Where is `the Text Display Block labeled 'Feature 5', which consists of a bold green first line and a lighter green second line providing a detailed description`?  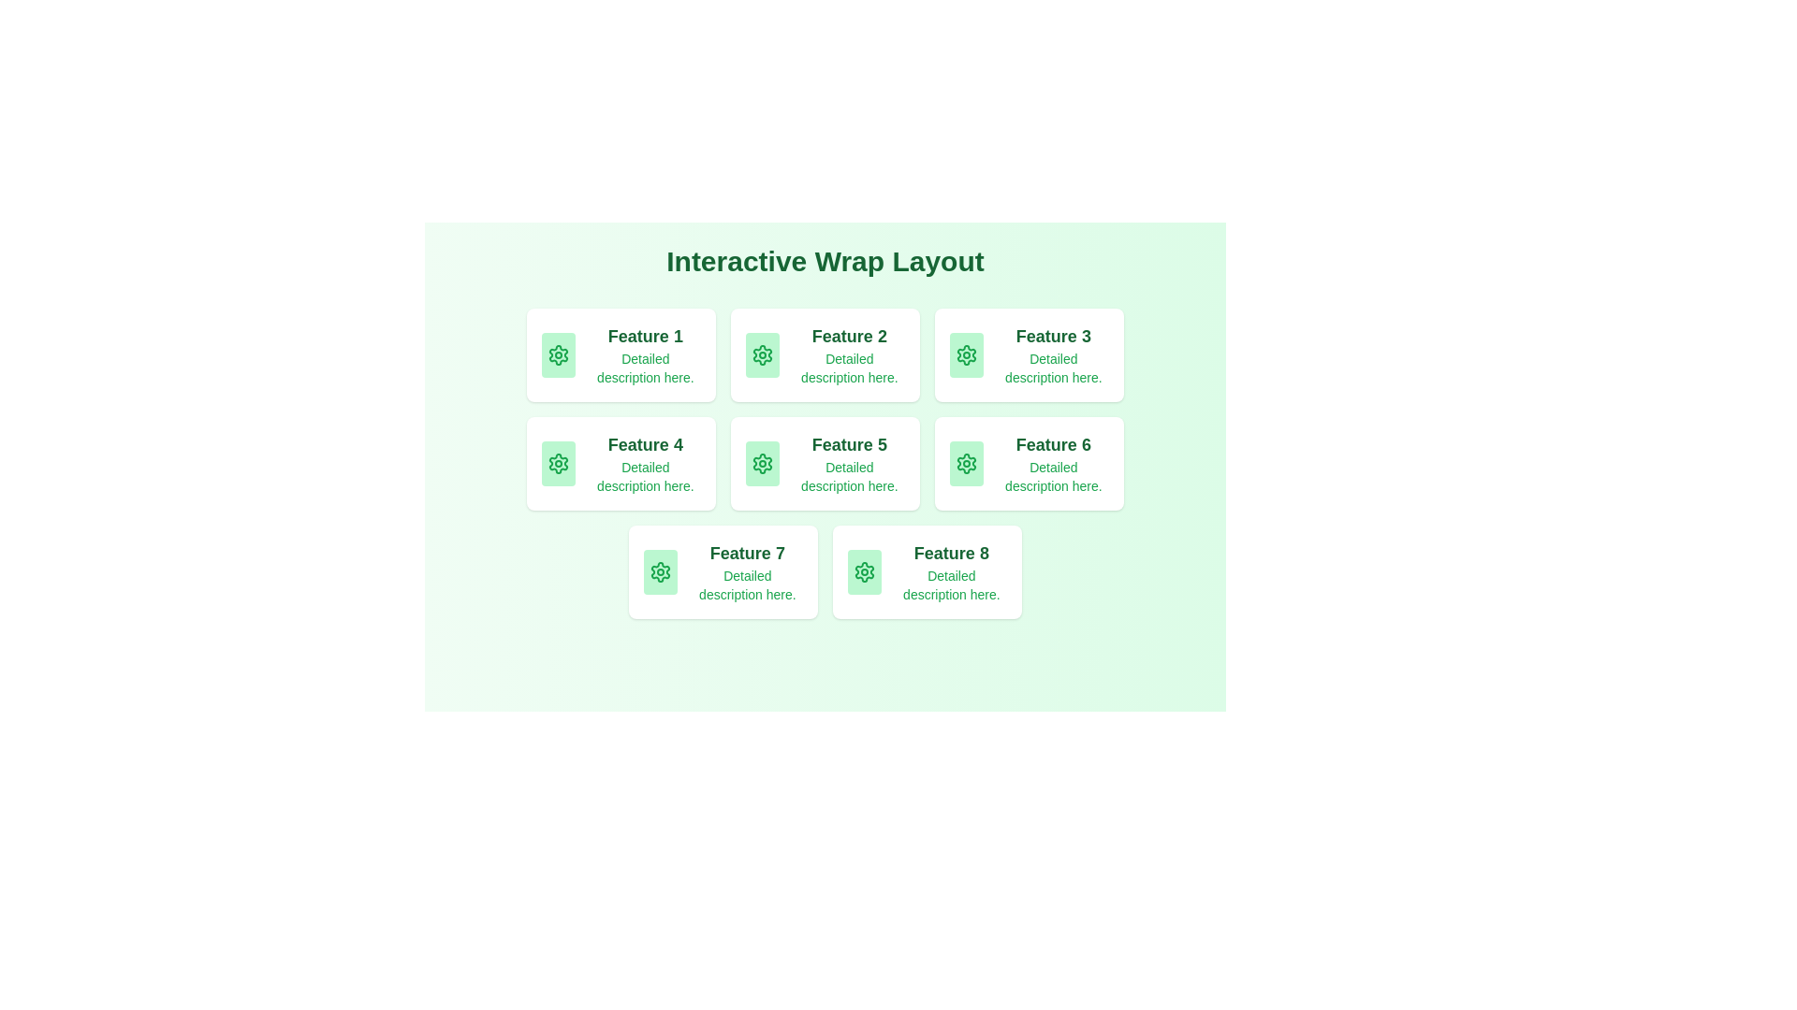
the Text Display Block labeled 'Feature 5', which consists of a bold green first line and a lighter green second line providing a detailed description is located at coordinates (848, 463).